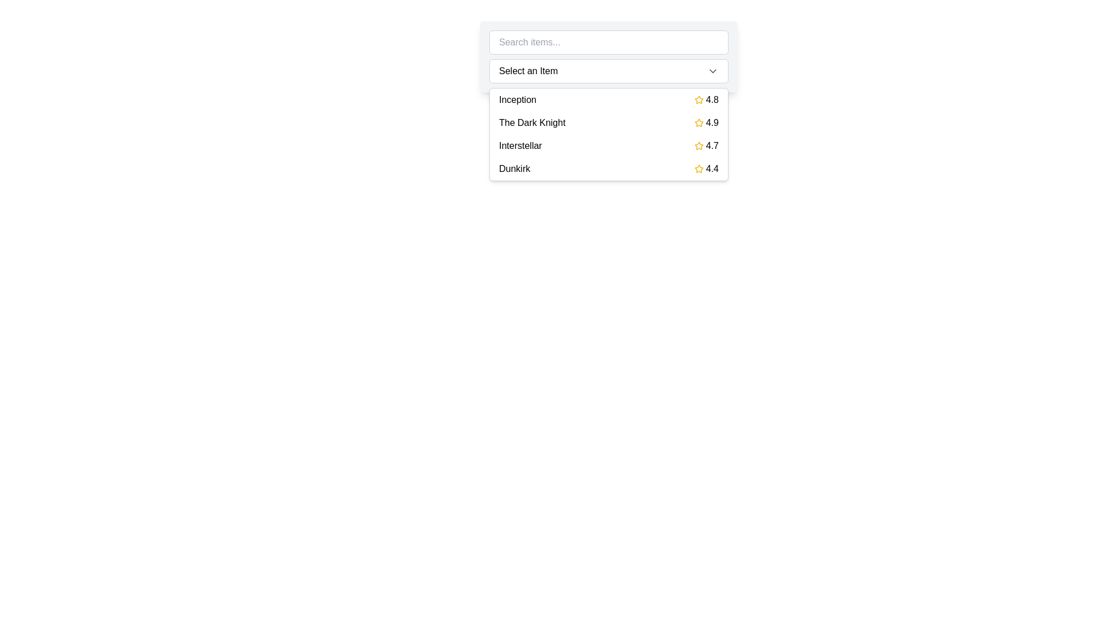 The height and width of the screenshot is (621, 1104). What do you see at coordinates (608, 134) in the screenshot?
I see `the movie dropdown menu located below the 'Select an Item' trigger` at bounding box center [608, 134].